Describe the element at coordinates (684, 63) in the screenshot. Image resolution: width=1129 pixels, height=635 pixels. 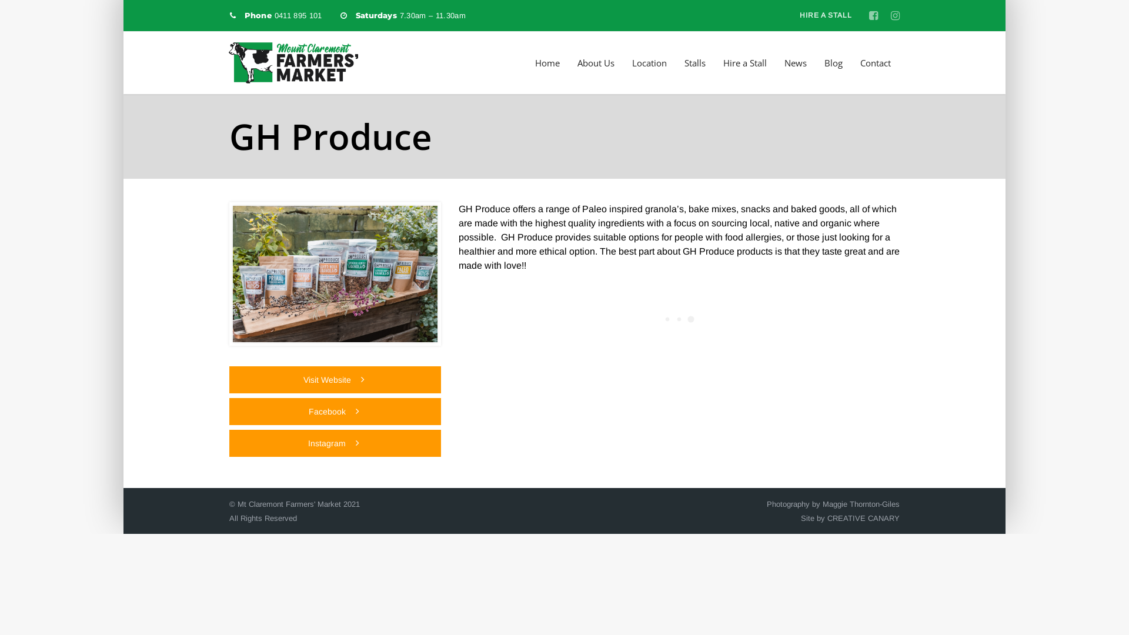
I see `'Stalls'` at that location.